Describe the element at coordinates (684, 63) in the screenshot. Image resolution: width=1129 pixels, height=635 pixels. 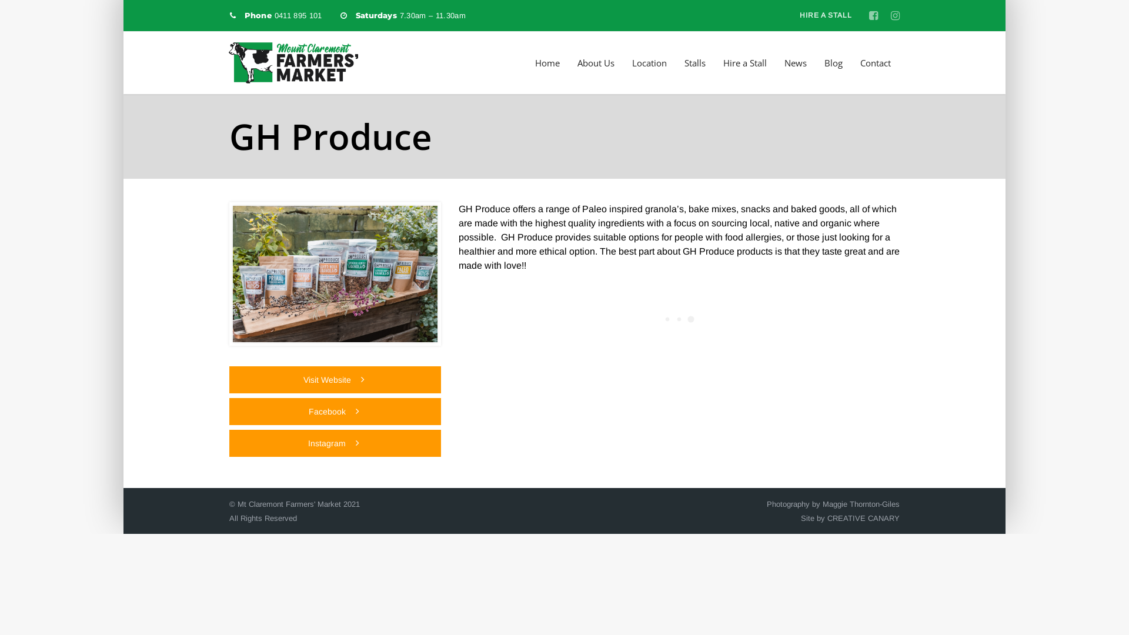
I see `'Stalls'` at that location.